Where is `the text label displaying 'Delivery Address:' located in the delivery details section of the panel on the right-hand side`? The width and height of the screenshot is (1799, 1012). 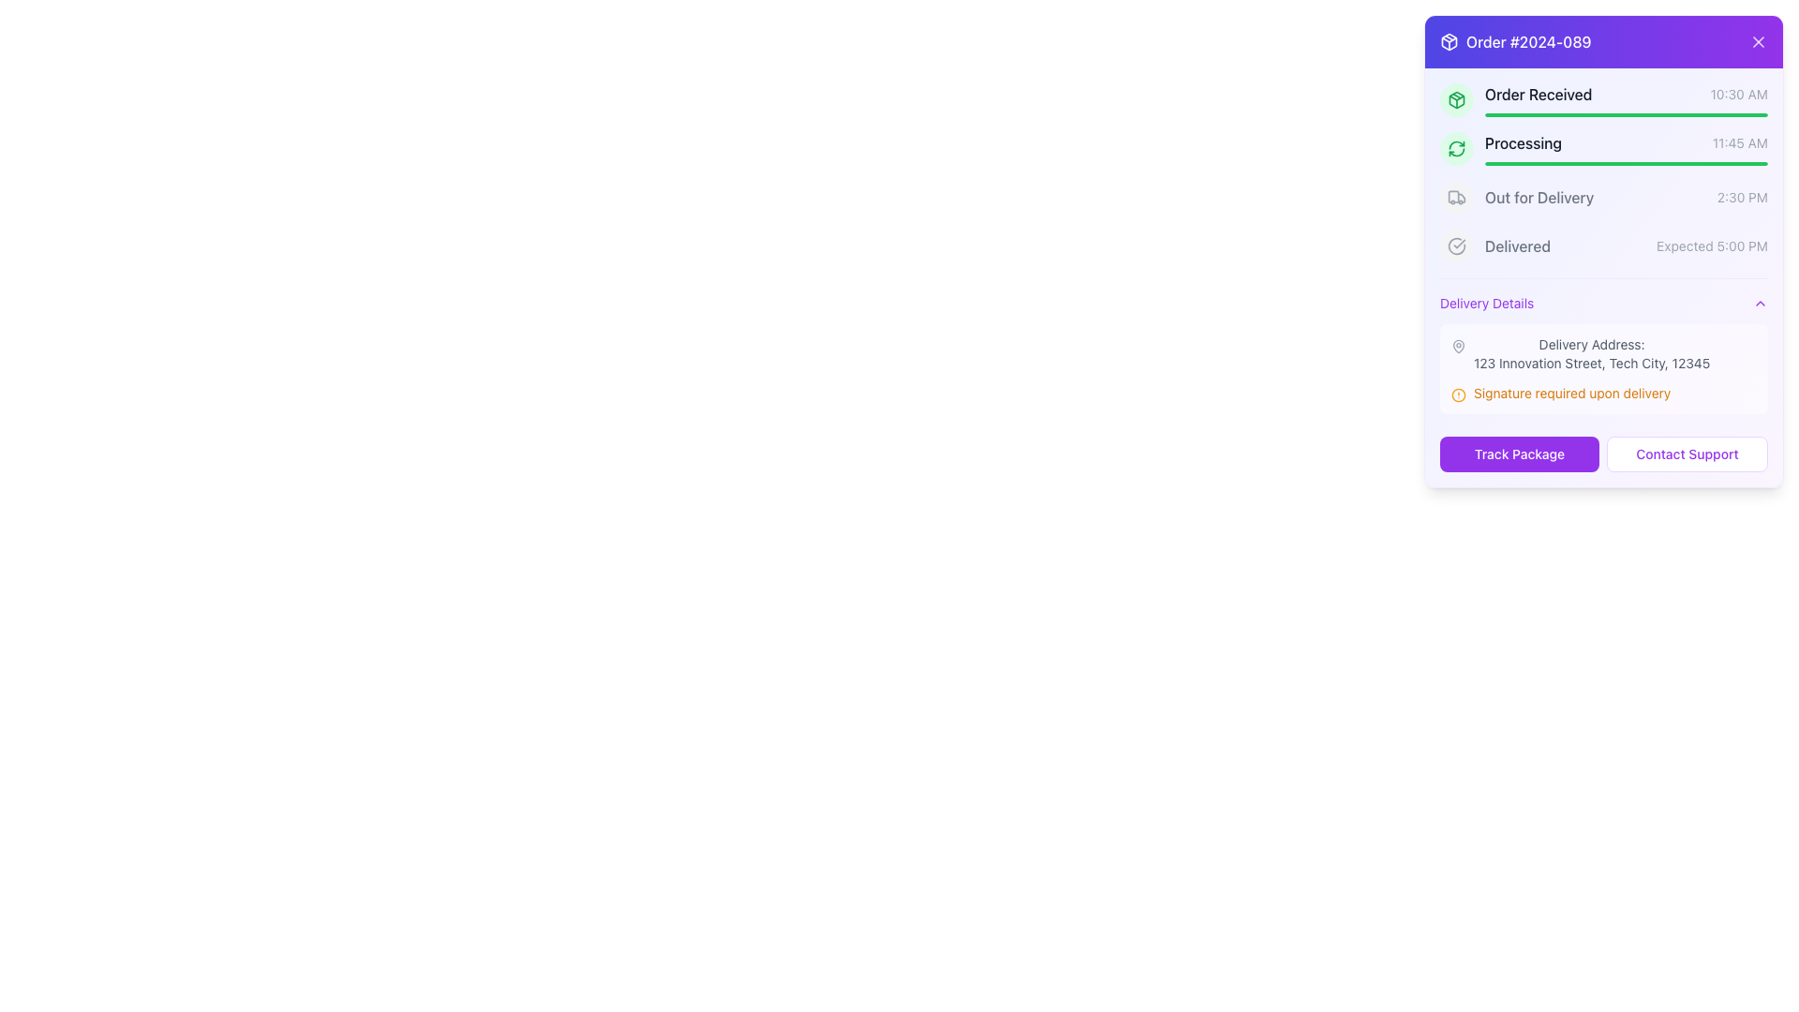
the text label displaying 'Delivery Address:' located in the delivery details section of the panel on the right-hand side is located at coordinates (1591, 344).